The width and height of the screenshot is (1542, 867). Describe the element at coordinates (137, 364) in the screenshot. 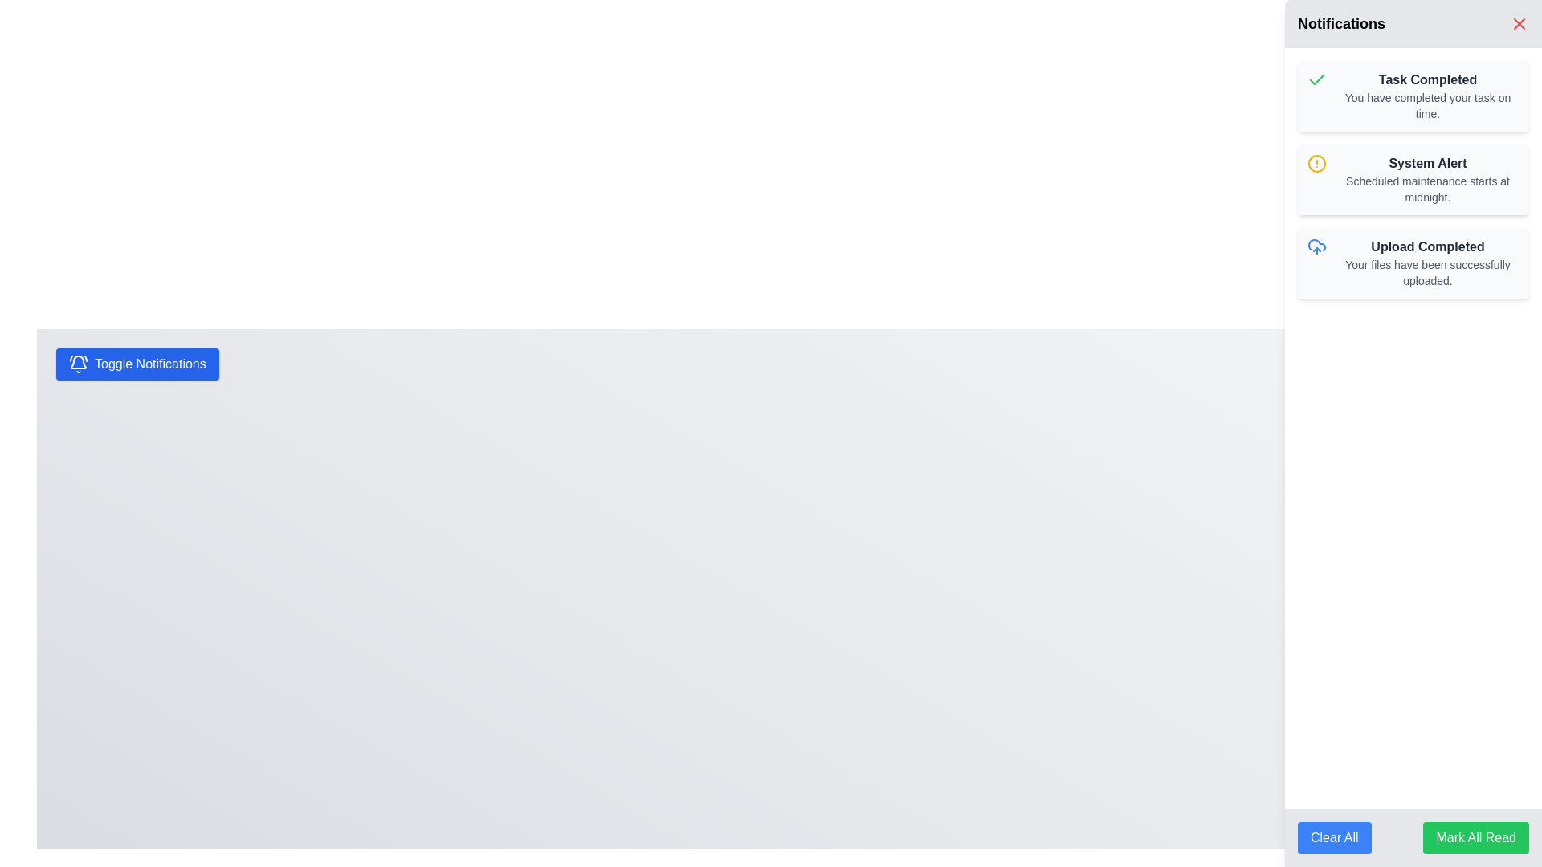

I see `the blue rectangular button labeled 'Toggle Notifications' with a bell-shaped icon` at that location.